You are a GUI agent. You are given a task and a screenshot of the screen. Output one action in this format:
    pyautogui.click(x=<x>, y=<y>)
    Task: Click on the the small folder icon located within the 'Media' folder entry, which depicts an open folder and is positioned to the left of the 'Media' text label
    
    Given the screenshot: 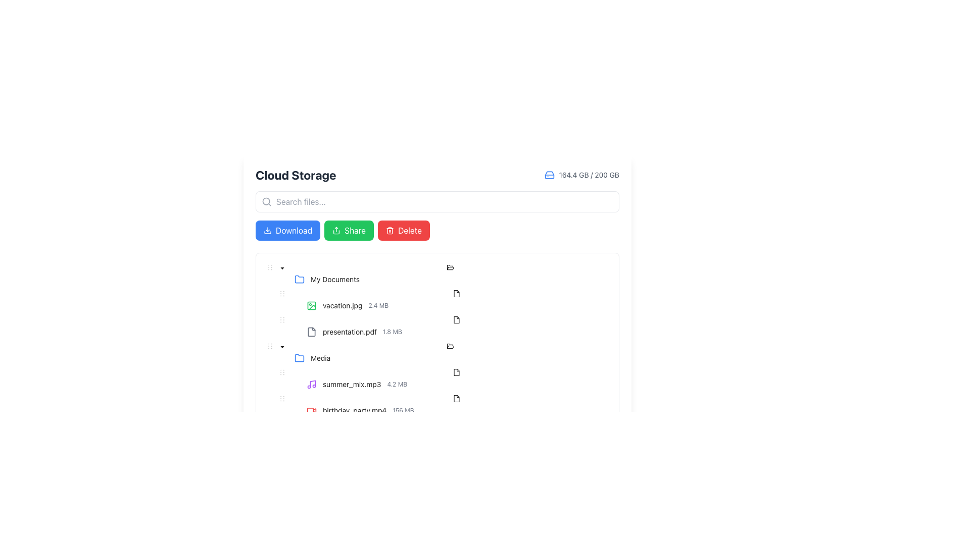 What is the action you would take?
    pyautogui.click(x=450, y=346)
    